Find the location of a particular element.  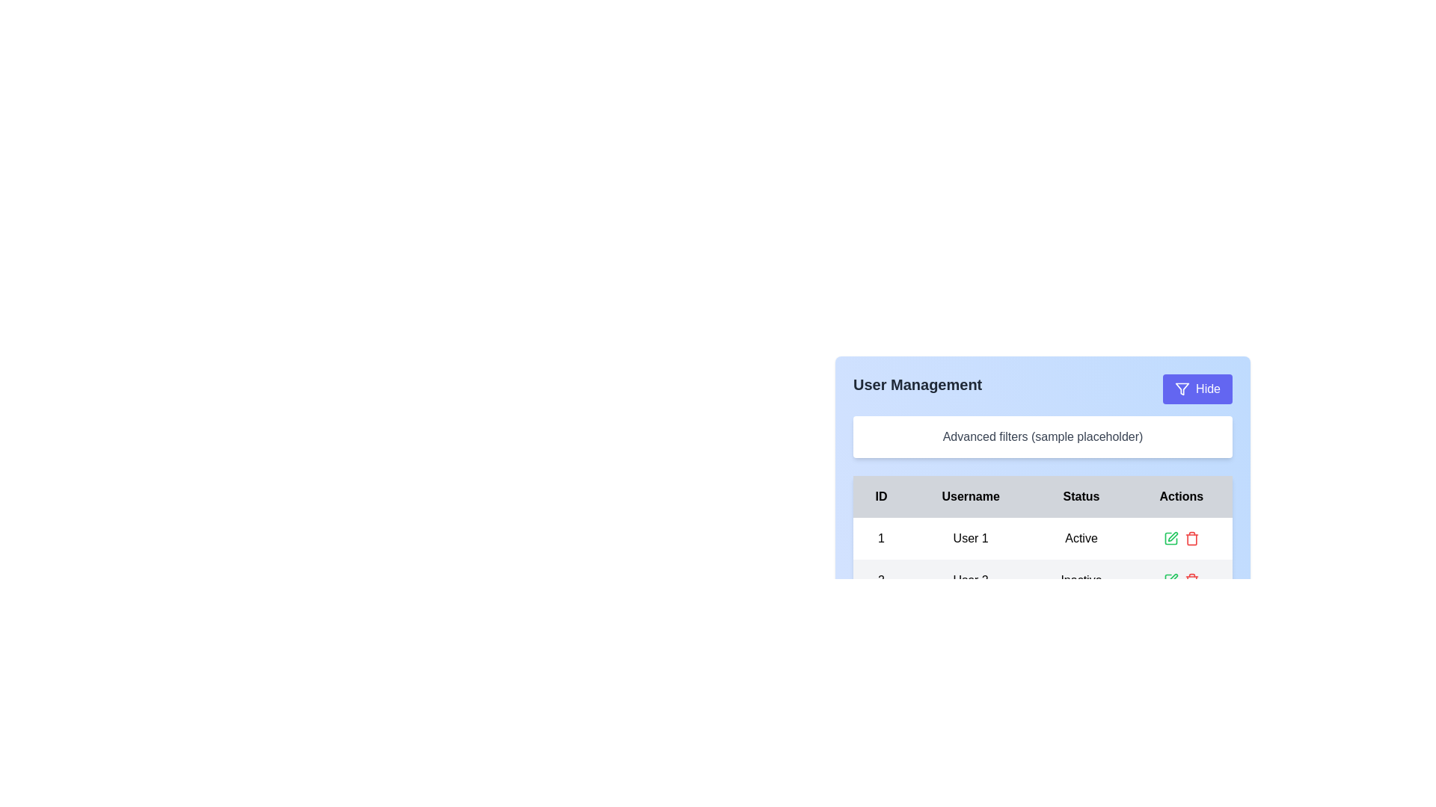

the Icon button located near the 'Actions' column, adjacent to the first row of user data labeled 'User 1', to initiate editing is located at coordinates (1172, 536).